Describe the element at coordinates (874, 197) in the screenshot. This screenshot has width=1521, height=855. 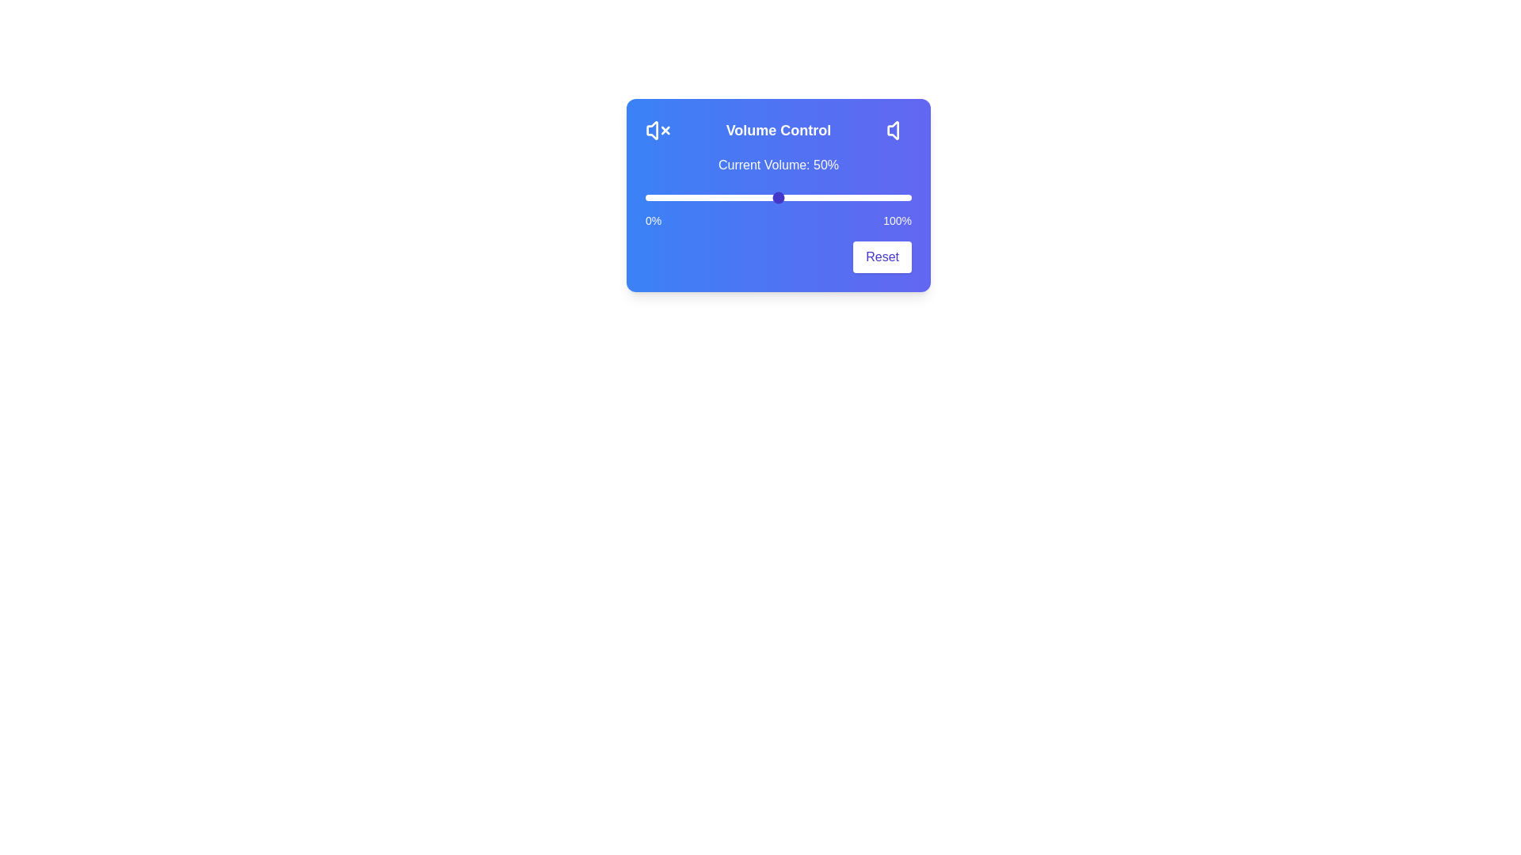
I see `the volume slider to 86%` at that location.